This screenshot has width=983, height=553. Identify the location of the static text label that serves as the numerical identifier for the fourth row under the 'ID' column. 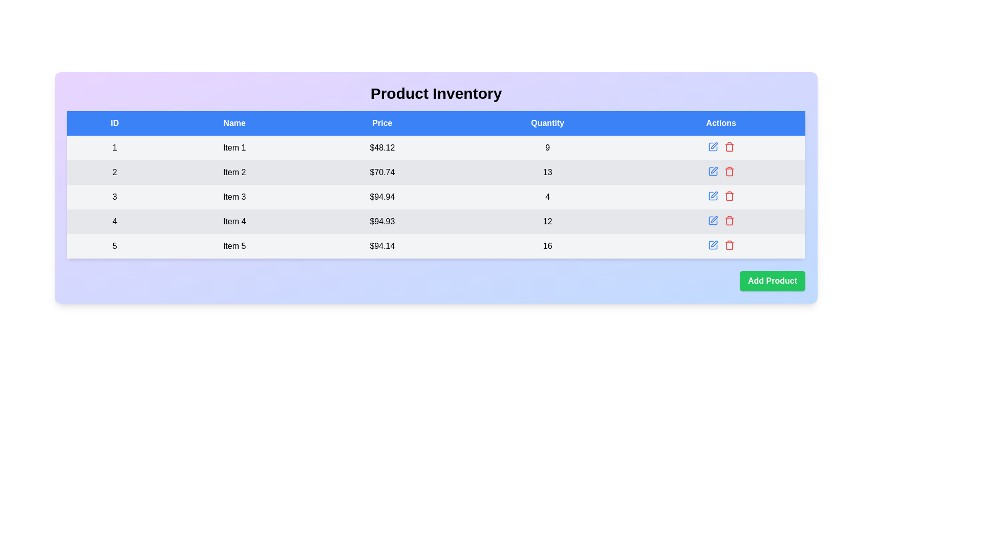
(115, 221).